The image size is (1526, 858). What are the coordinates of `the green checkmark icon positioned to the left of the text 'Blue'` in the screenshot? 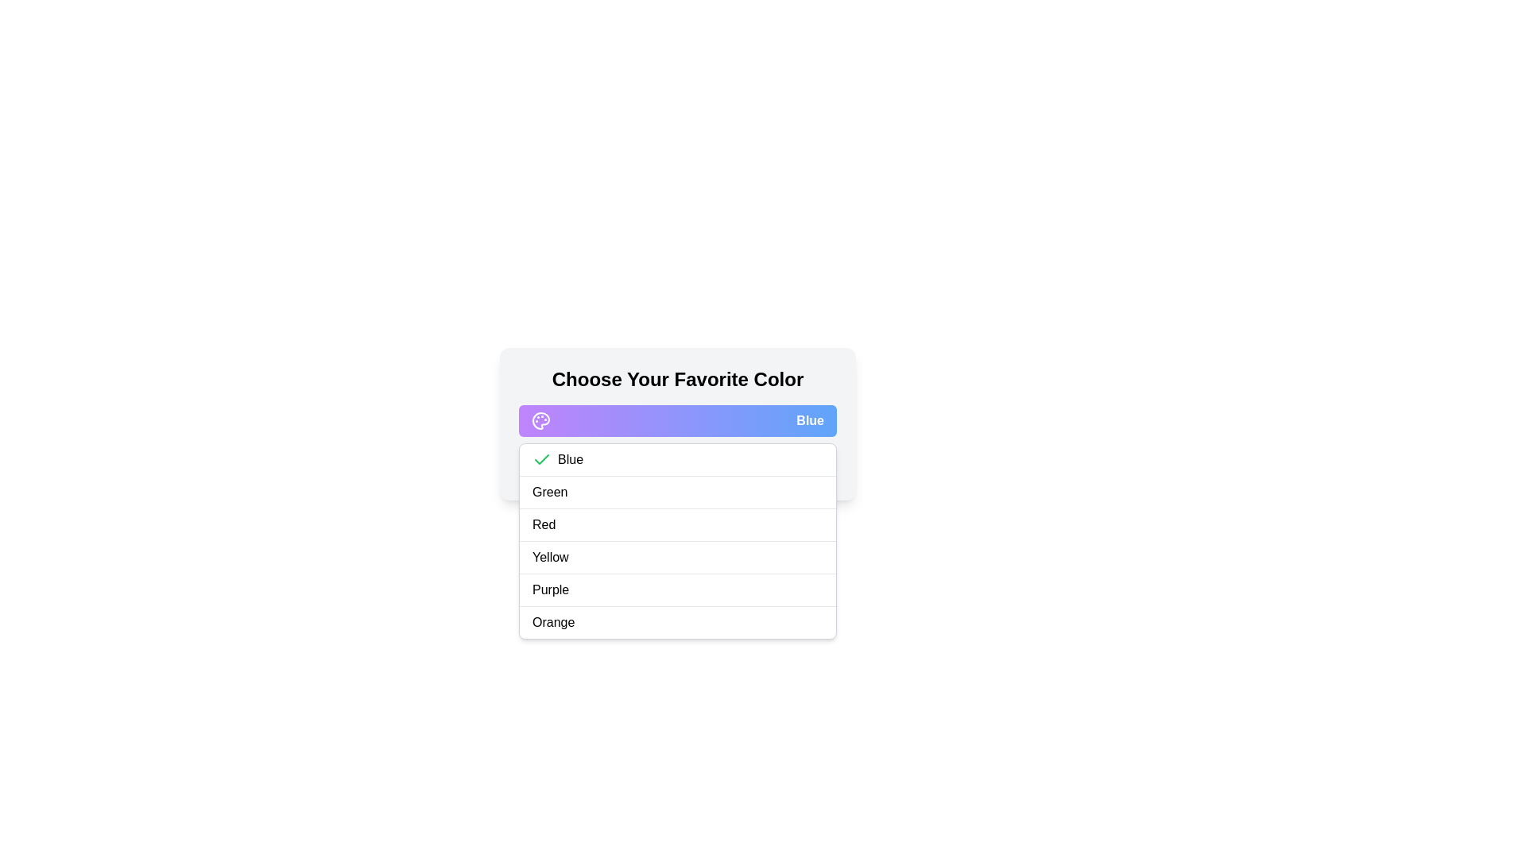 It's located at (541, 459).